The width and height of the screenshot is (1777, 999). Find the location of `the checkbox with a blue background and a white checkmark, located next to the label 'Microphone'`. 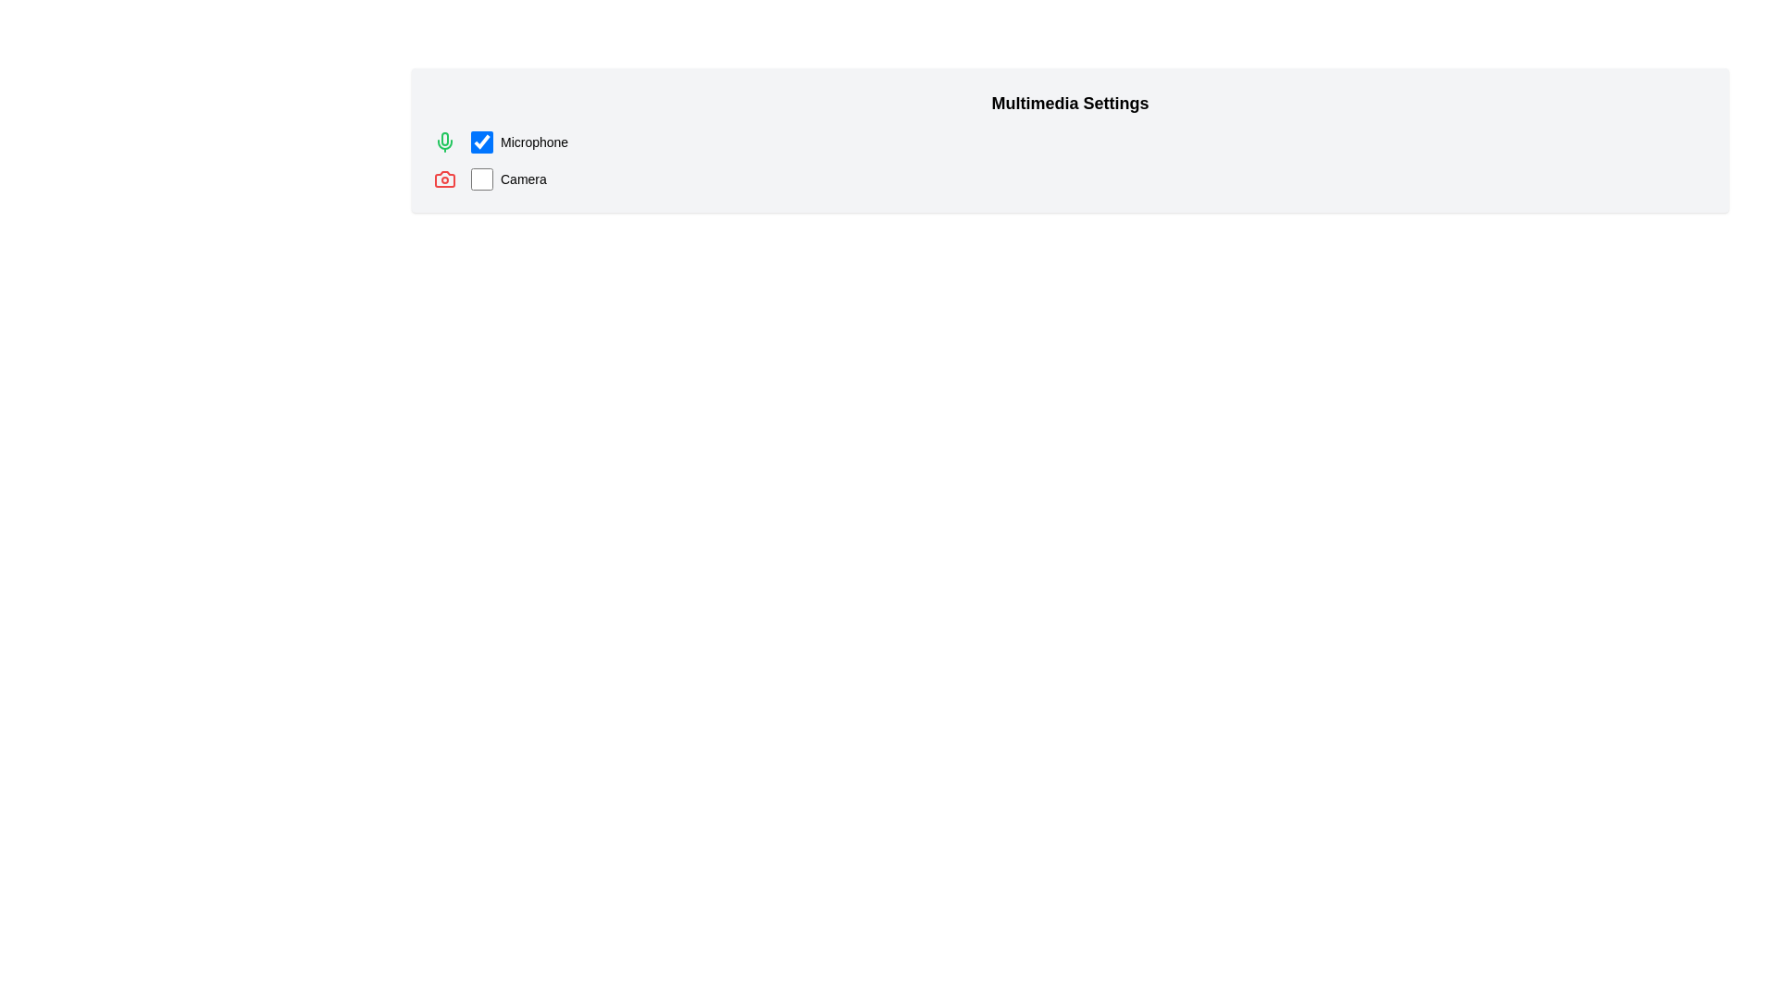

the checkbox with a blue background and a white checkmark, located next to the label 'Microphone' is located at coordinates (482, 142).